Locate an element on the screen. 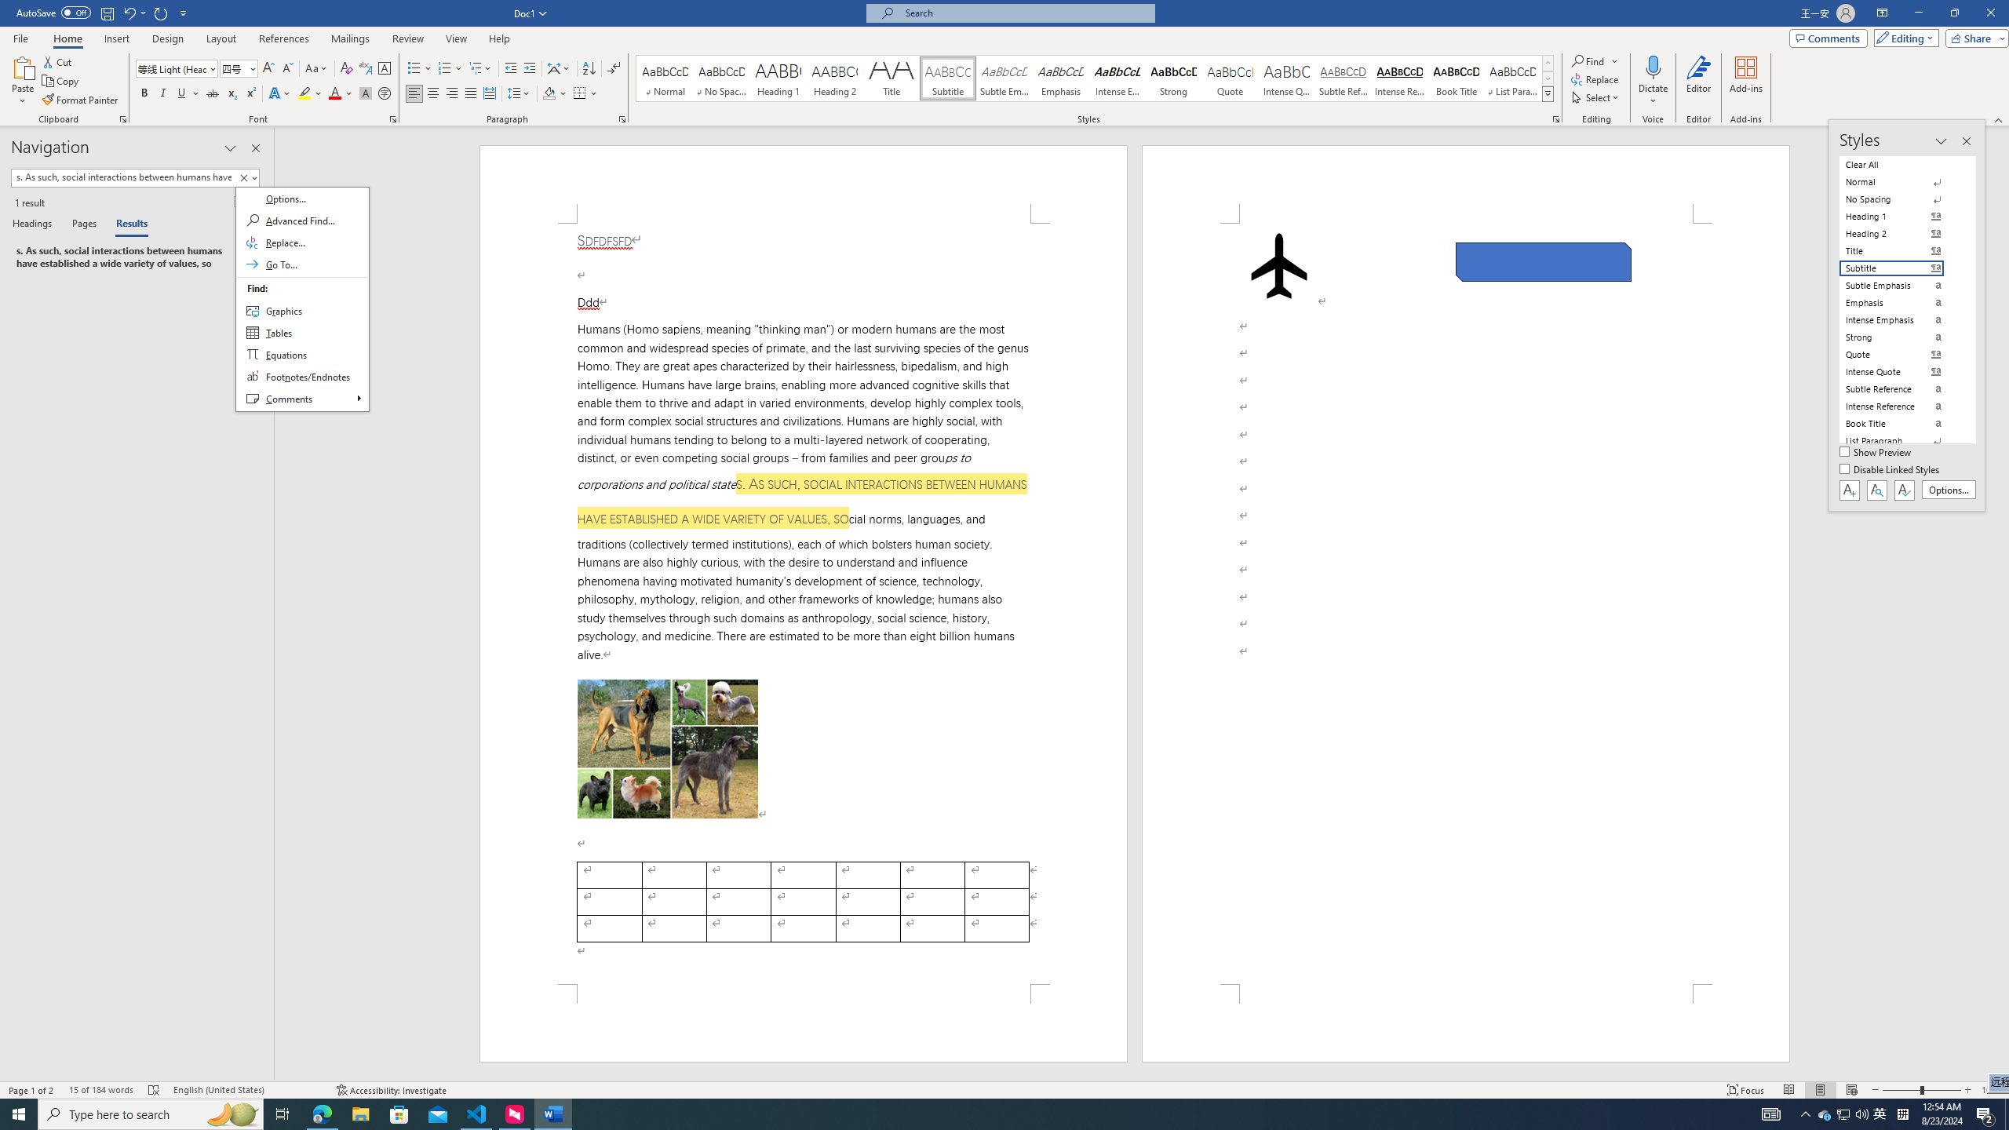 This screenshot has width=2009, height=1130. 'Multilevel List' is located at coordinates (479, 68).